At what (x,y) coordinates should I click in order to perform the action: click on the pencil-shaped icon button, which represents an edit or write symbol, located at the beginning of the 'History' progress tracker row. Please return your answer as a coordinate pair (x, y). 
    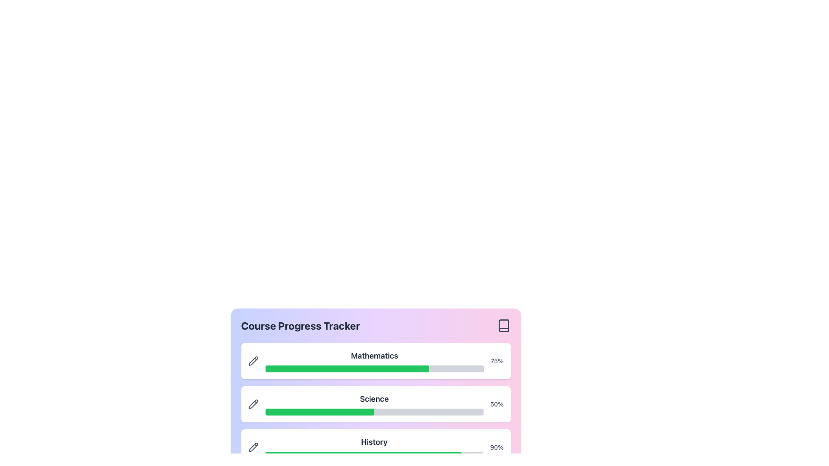
    Looking at the image, I should click on (253, 447).